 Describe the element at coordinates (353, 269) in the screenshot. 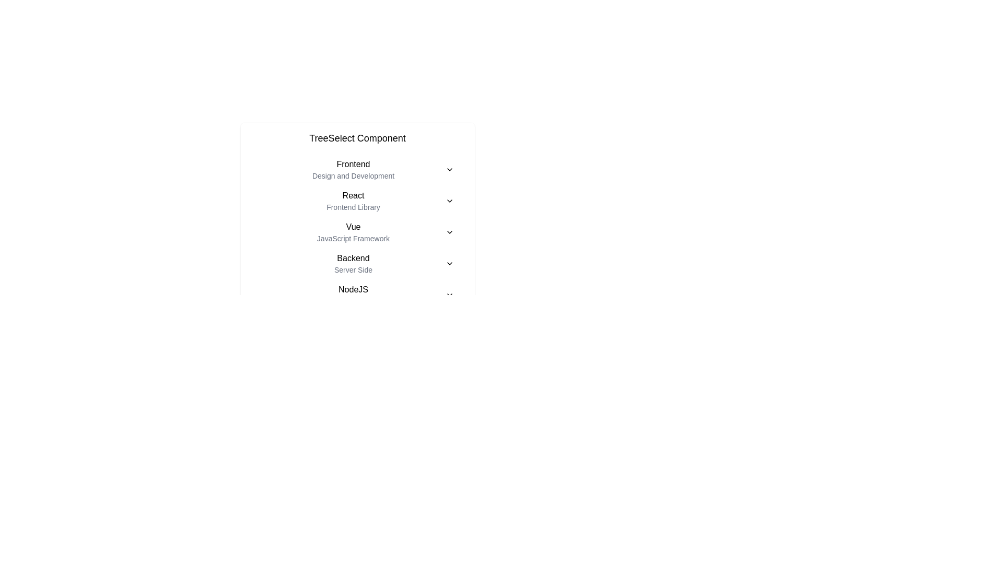

I see `the 'Server Side' text label, which is a sub-item of 'Backend' in the selectable menu` at that location.